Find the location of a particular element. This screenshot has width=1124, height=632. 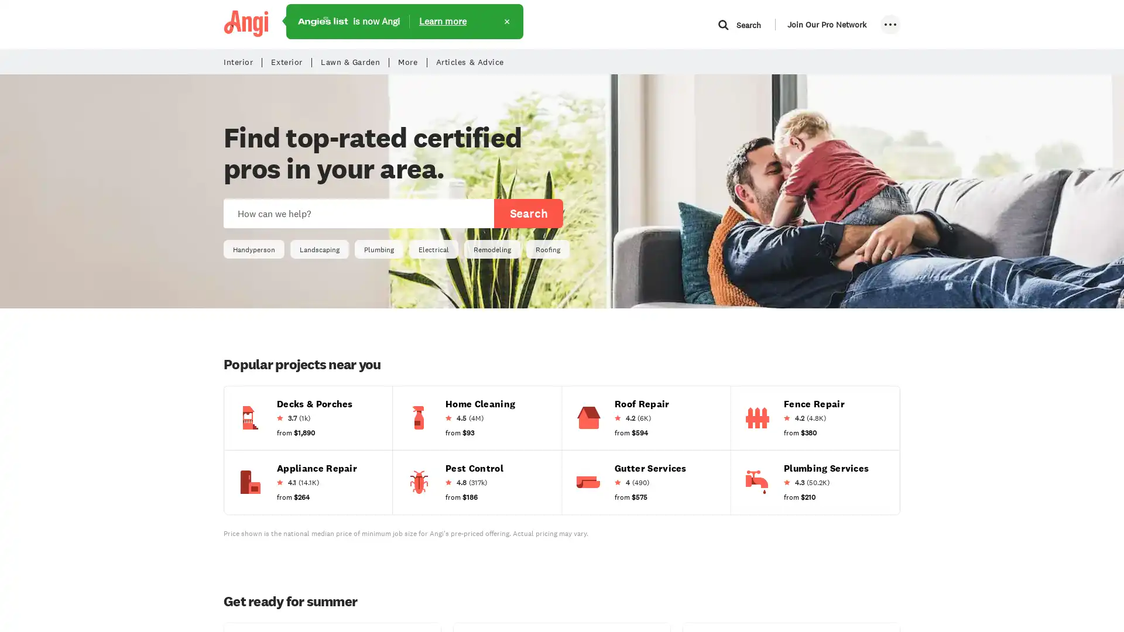

Search is located at coordinates (527, 214).